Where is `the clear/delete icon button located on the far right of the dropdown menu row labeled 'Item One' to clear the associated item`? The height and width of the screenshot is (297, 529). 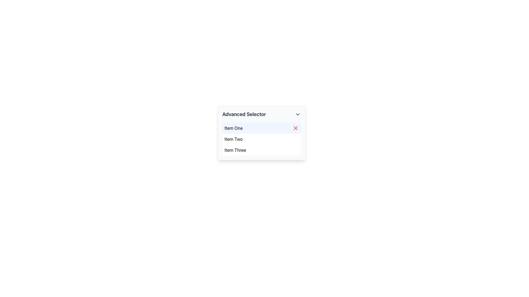
the clear/delete icon button located on the far right of the dropdown menu row labeled 'Item One' to clear the associated item is located at coordinates (295, 128).